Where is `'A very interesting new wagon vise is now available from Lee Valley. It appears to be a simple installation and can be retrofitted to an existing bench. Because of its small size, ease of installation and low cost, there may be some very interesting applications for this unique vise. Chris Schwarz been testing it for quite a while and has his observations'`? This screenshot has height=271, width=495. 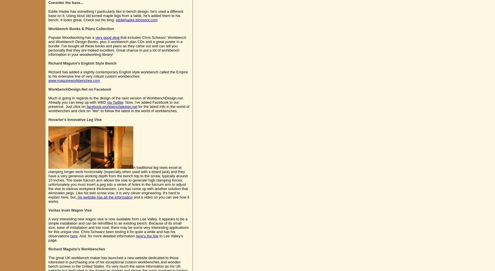 'A very interesting new wagon vise is now available from Lee Valley. It appears to be a simple installation and can be retrofitted to an existing bench. Because of its small size, ease of installation and low cost, there may be some very interesting applications for this unique vise. Chris Schwarz been testing it for quite a while and has his observations' is located at coordinates (118, 227).